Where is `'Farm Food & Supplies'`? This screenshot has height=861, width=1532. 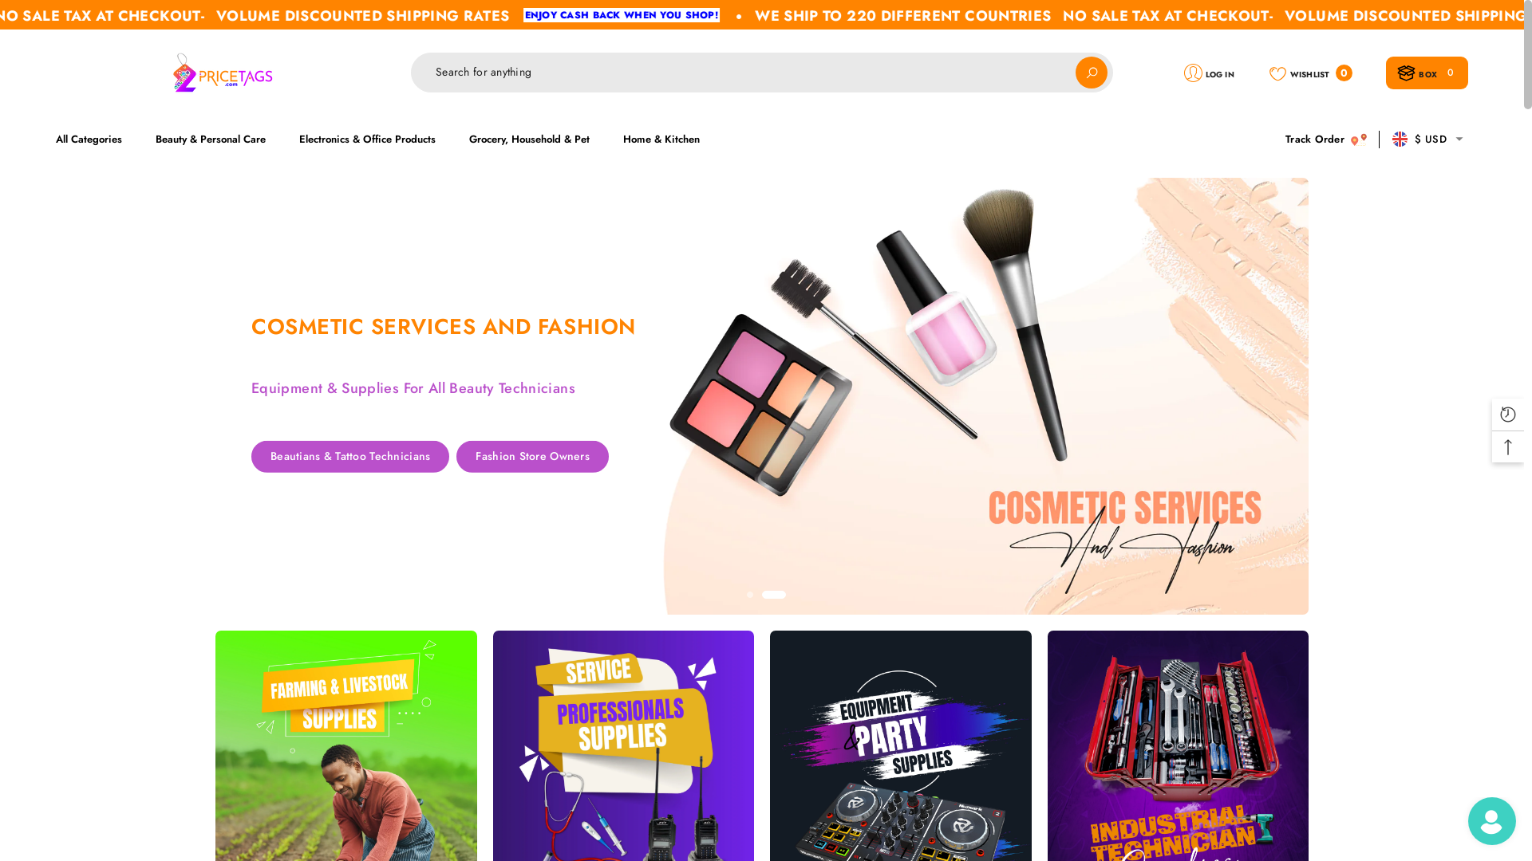
'Farm Food & Supplies' is located at coordinates (481, 458).